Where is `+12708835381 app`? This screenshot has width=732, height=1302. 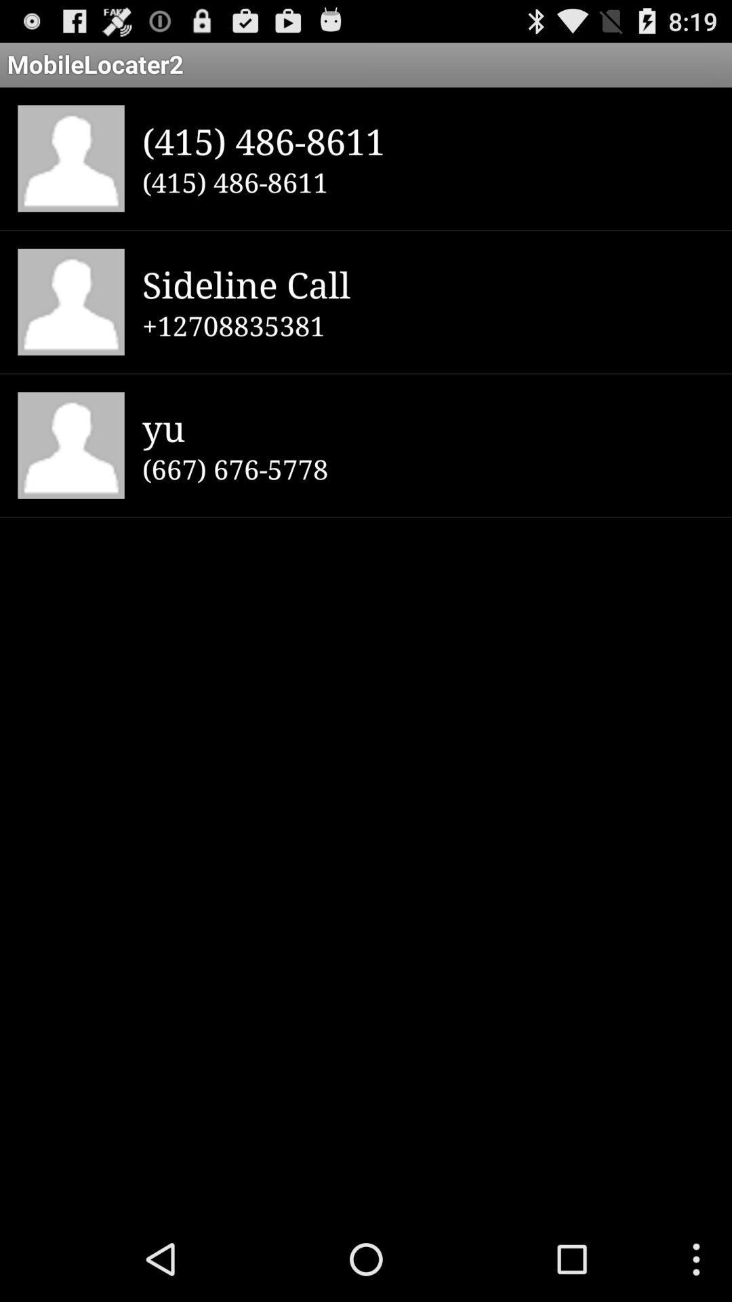 +12708835381 app is located at coordinates (428, 325).